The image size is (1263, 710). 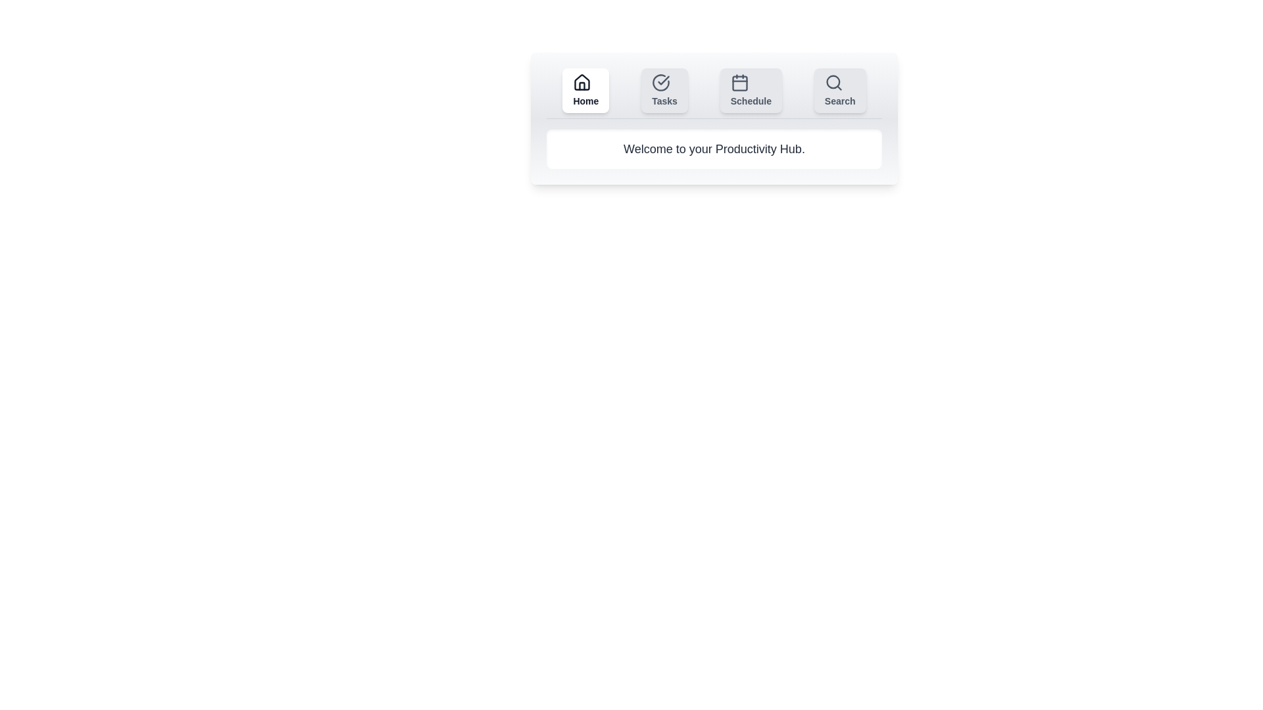 I want to click on the Tasks tab by clicking its respective button, so click(x=664, y=90).